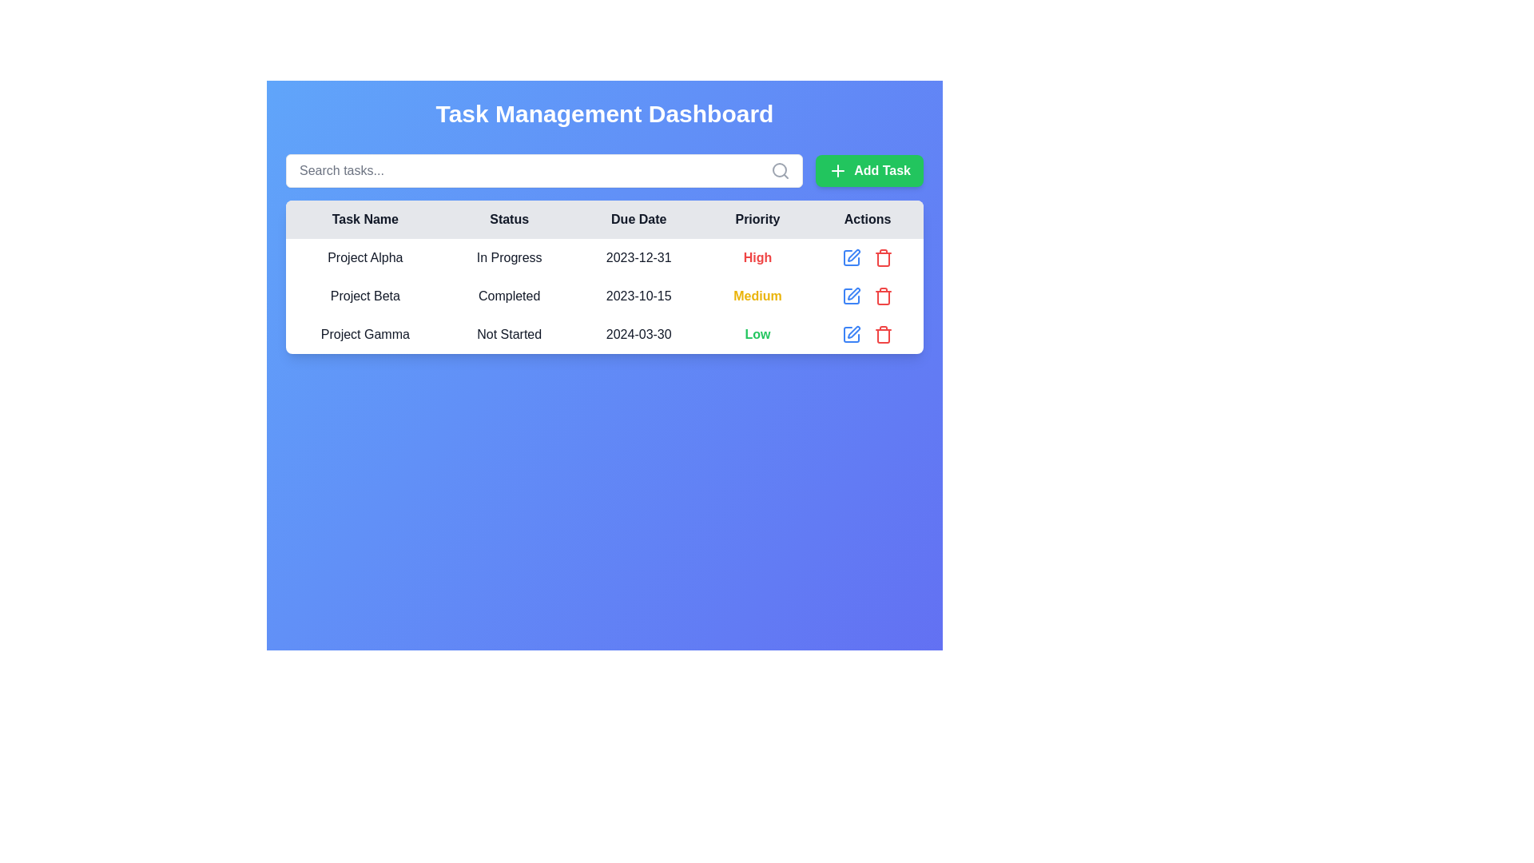  I want to click on text of the 'Low' priority label, which is a green, bold text centered in its space, located in the last row of the table under the 'Priority' column, next to the due date '2024-03-30', so click(757, 334).